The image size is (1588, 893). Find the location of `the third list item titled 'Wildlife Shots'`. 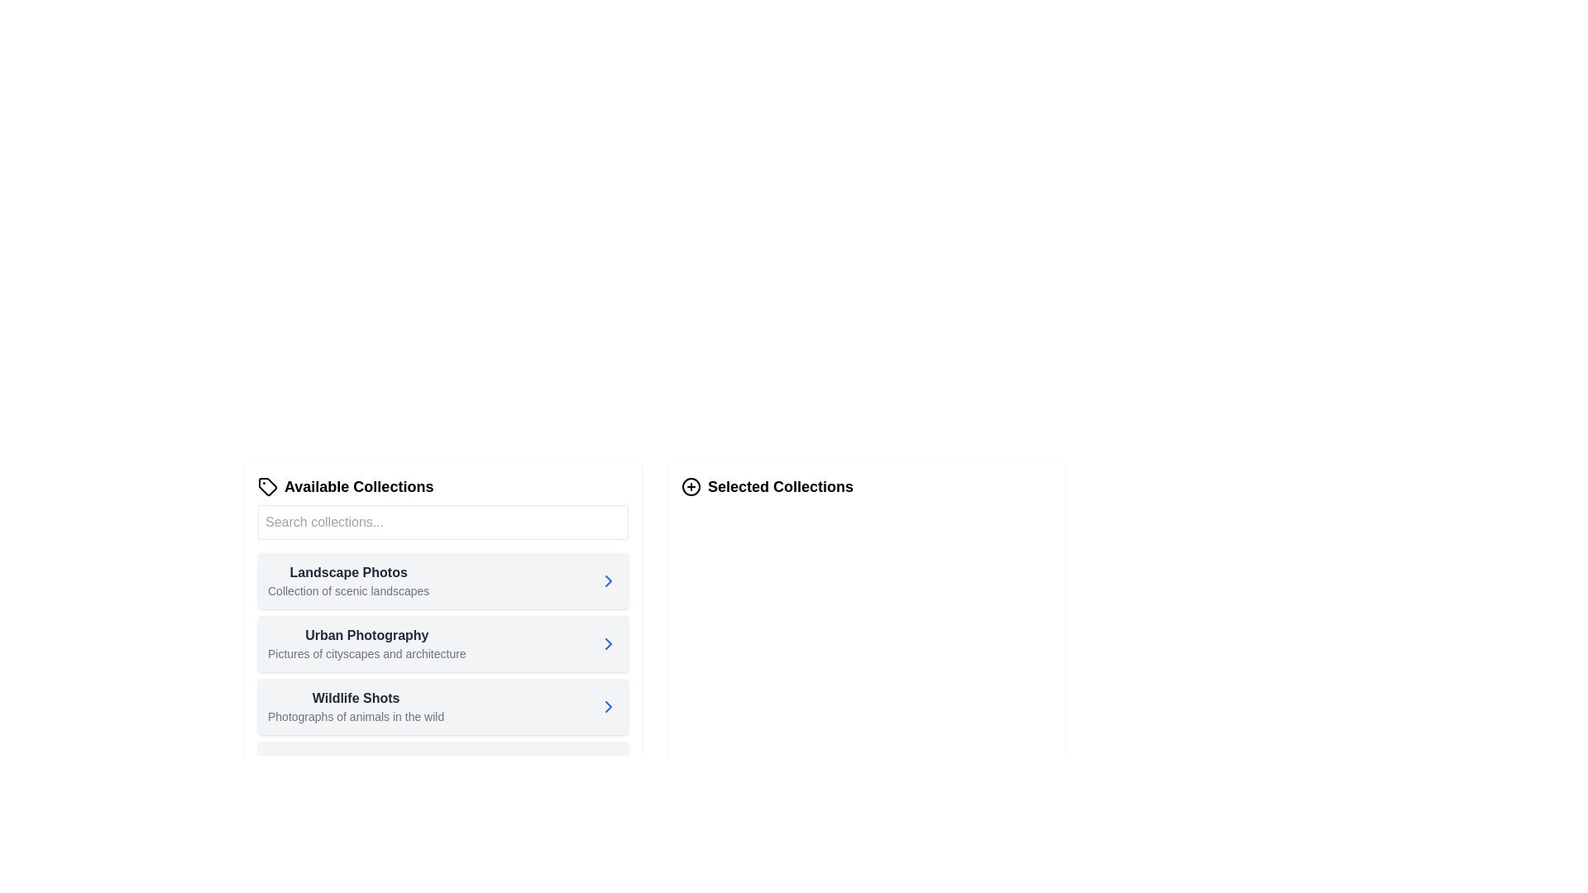

the third list item titled 'Wildlife Shots' is located at coordinates (443, 707).